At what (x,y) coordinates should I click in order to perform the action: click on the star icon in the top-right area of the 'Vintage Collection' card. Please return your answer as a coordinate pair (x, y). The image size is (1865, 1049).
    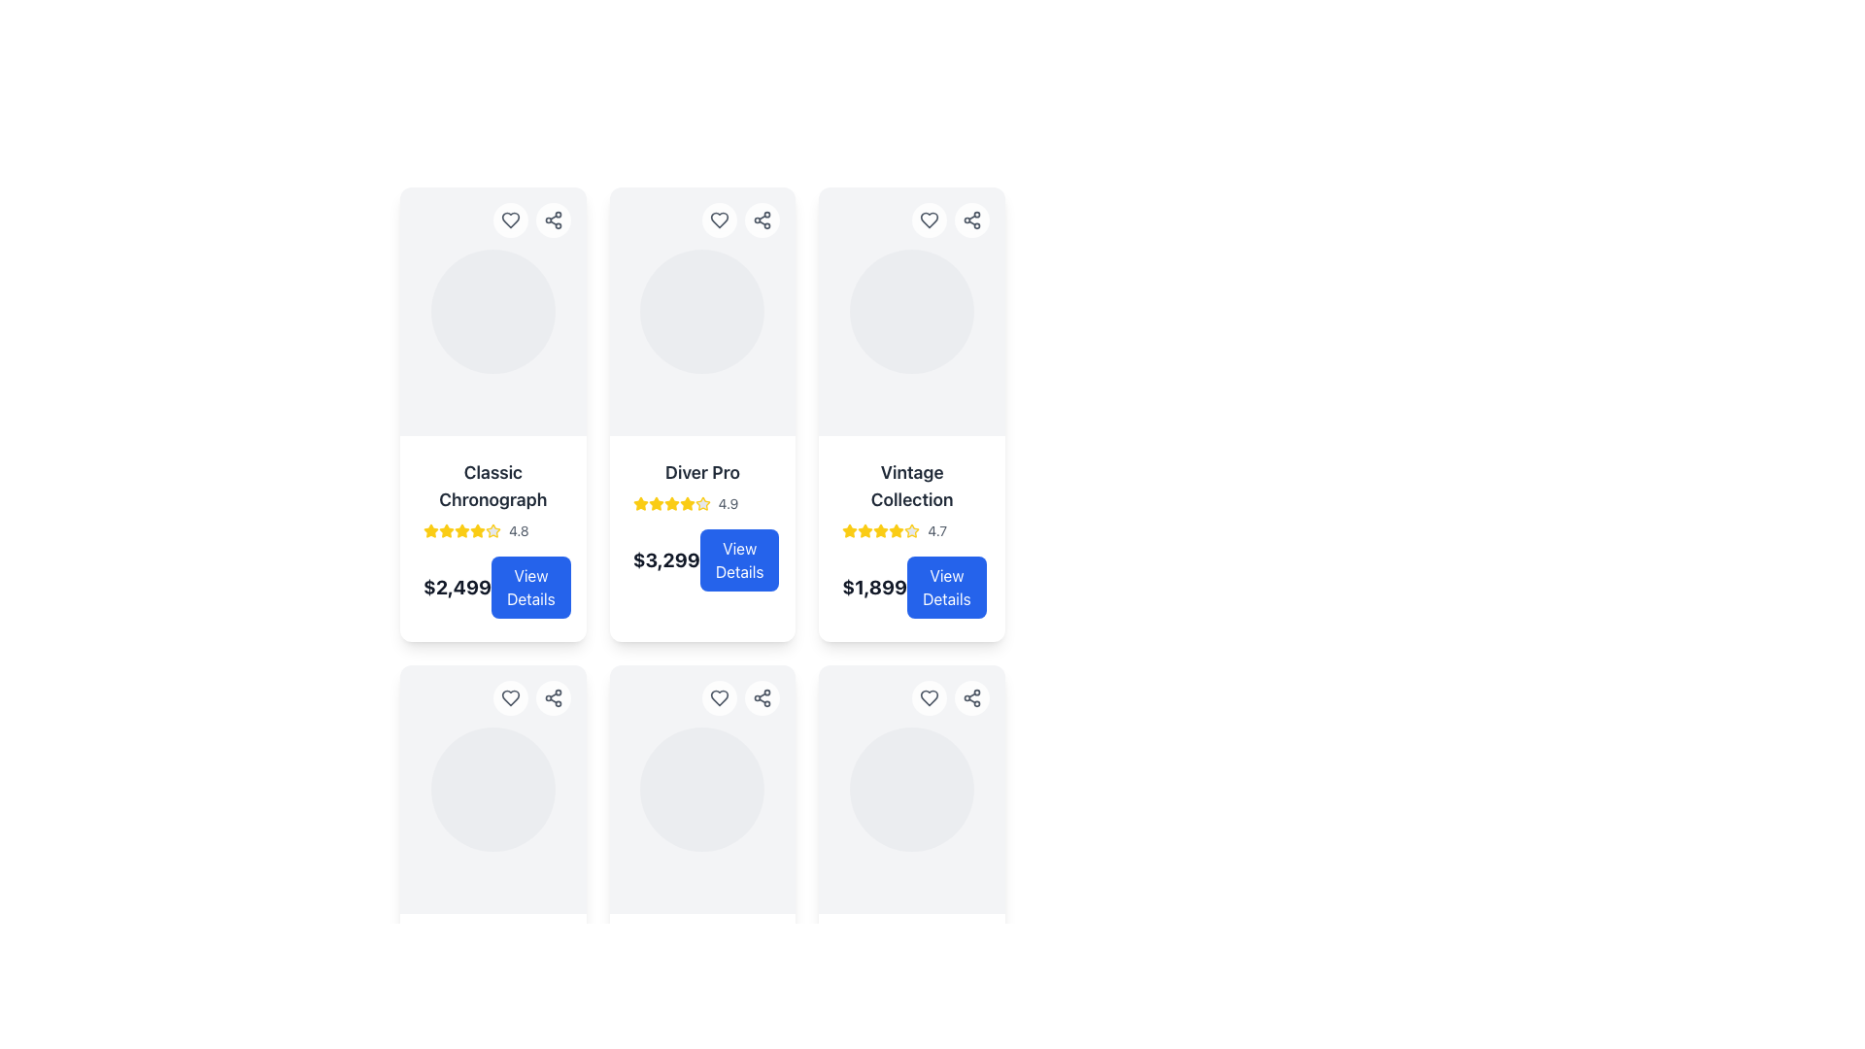
    Looking at the image, I should click on (911, 530).